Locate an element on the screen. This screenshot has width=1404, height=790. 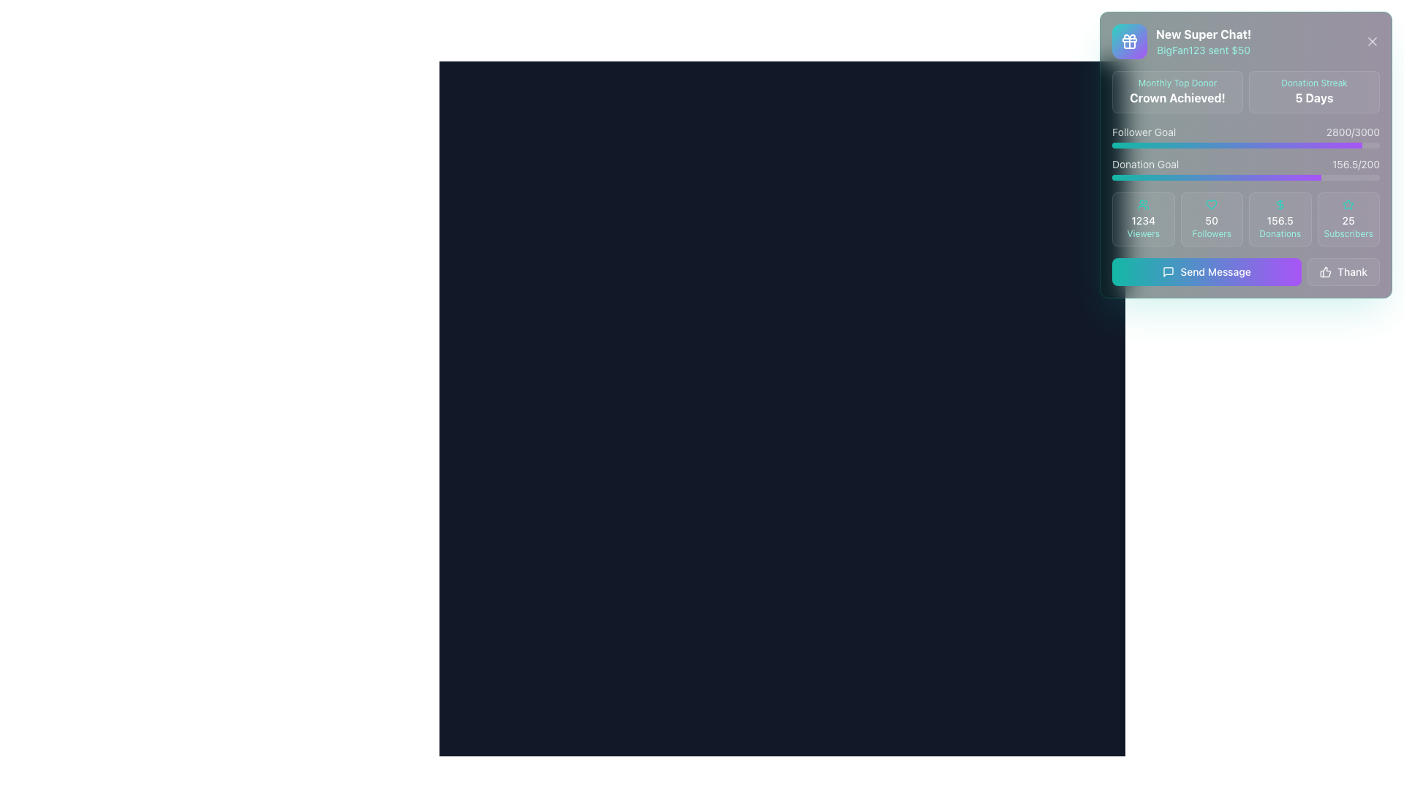
text content of the white-colored label displaying the number '25', which is centrally positioned above the word 'subscribers' and below a star icon is located at coordinates (1348, 220).